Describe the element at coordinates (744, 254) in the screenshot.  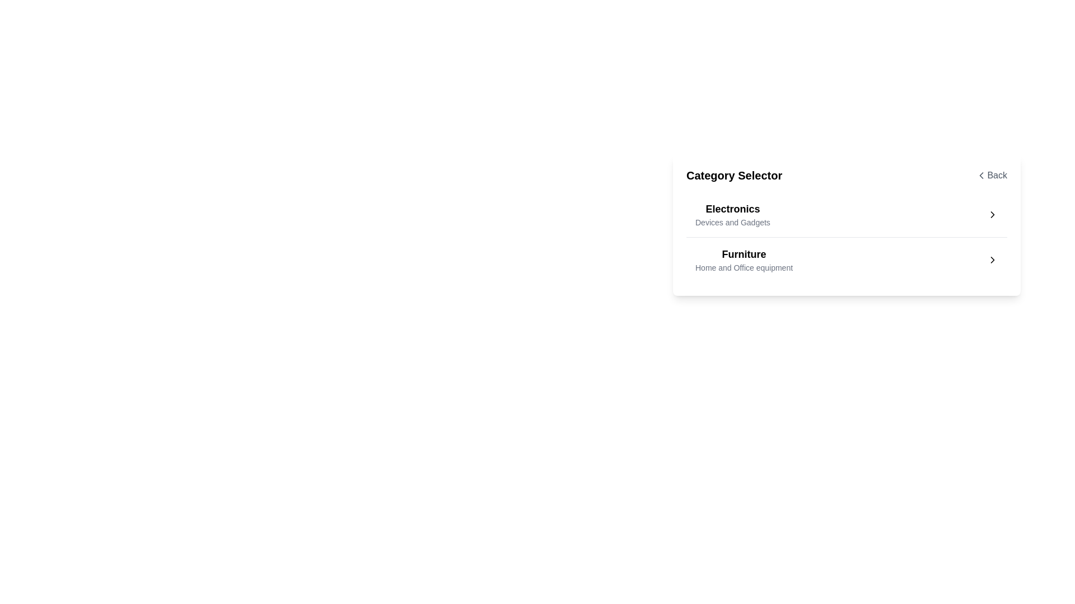
I see `the 'Furniture' text label` at that location.